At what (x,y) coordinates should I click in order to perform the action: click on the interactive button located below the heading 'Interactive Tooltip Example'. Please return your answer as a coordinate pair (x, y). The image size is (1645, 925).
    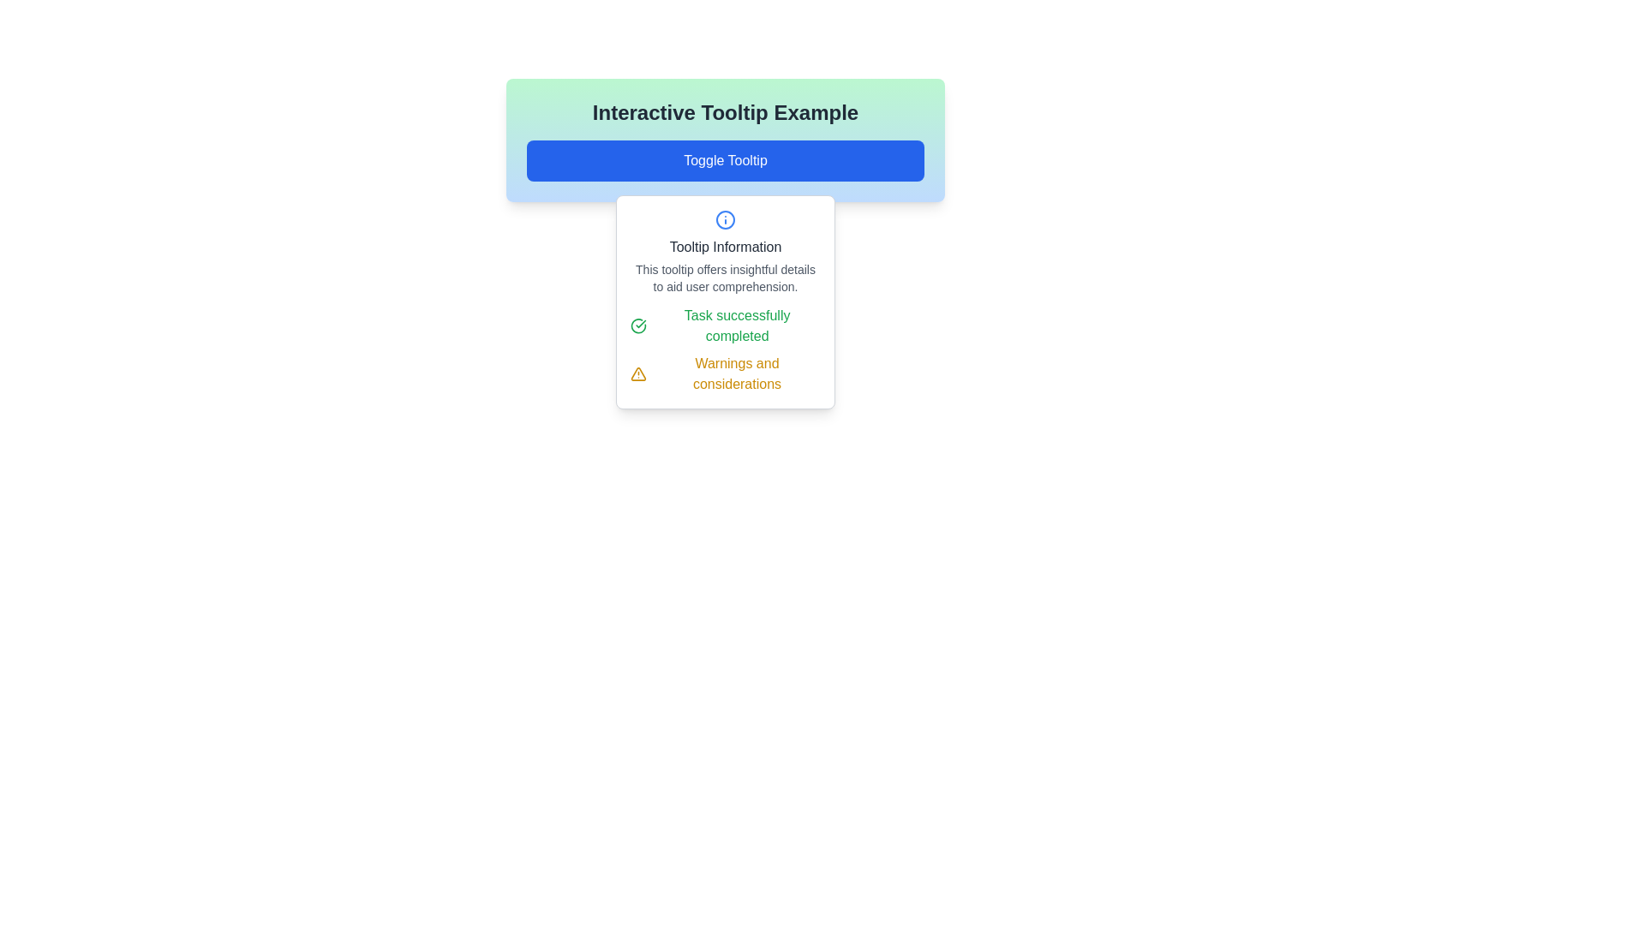
    Looking at the image, I should click on (725, 161).